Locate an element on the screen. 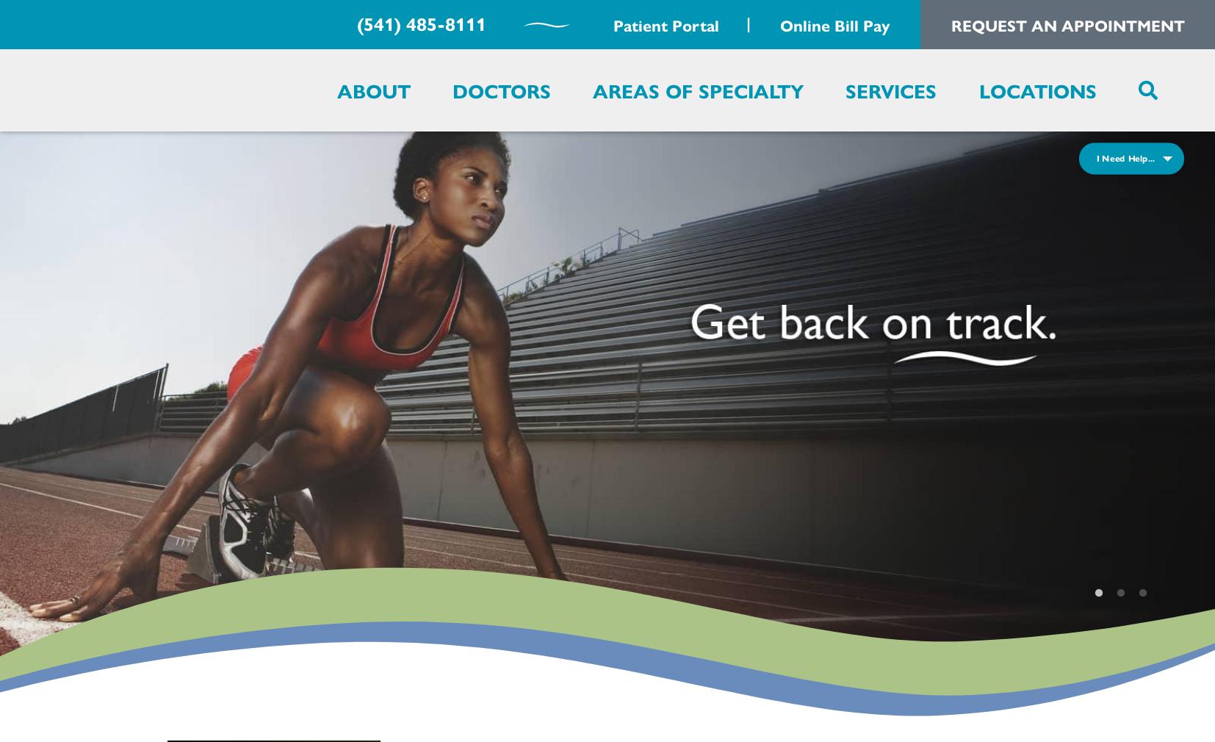 This screenshot has width=1215, height=742. 'Services' is located at coordinates (890, 89).